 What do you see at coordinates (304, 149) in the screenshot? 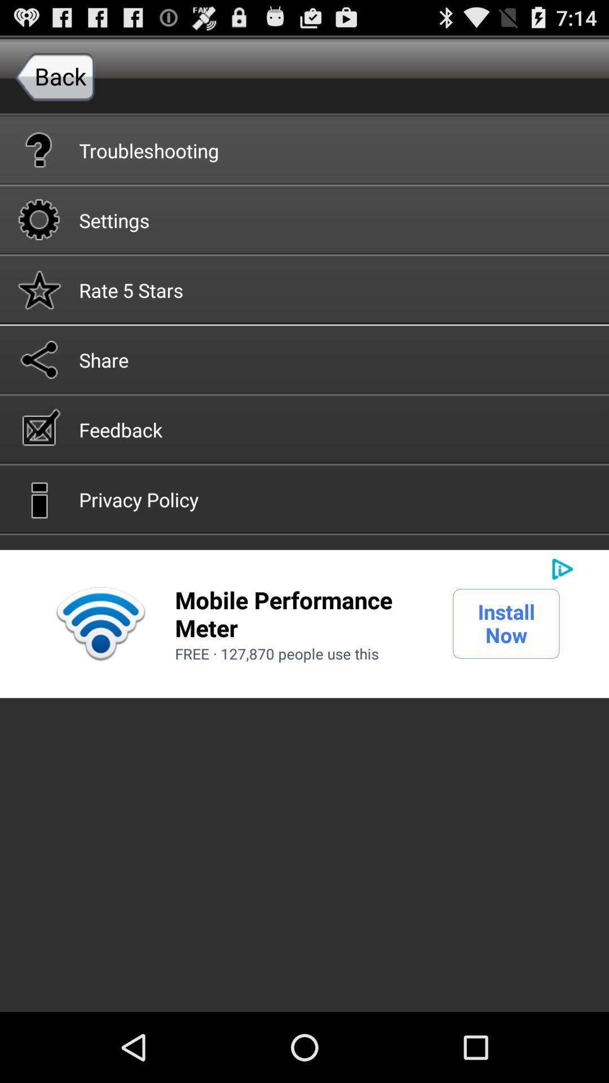
I see `the troubleshooting item` at bounding box center [304, 149].